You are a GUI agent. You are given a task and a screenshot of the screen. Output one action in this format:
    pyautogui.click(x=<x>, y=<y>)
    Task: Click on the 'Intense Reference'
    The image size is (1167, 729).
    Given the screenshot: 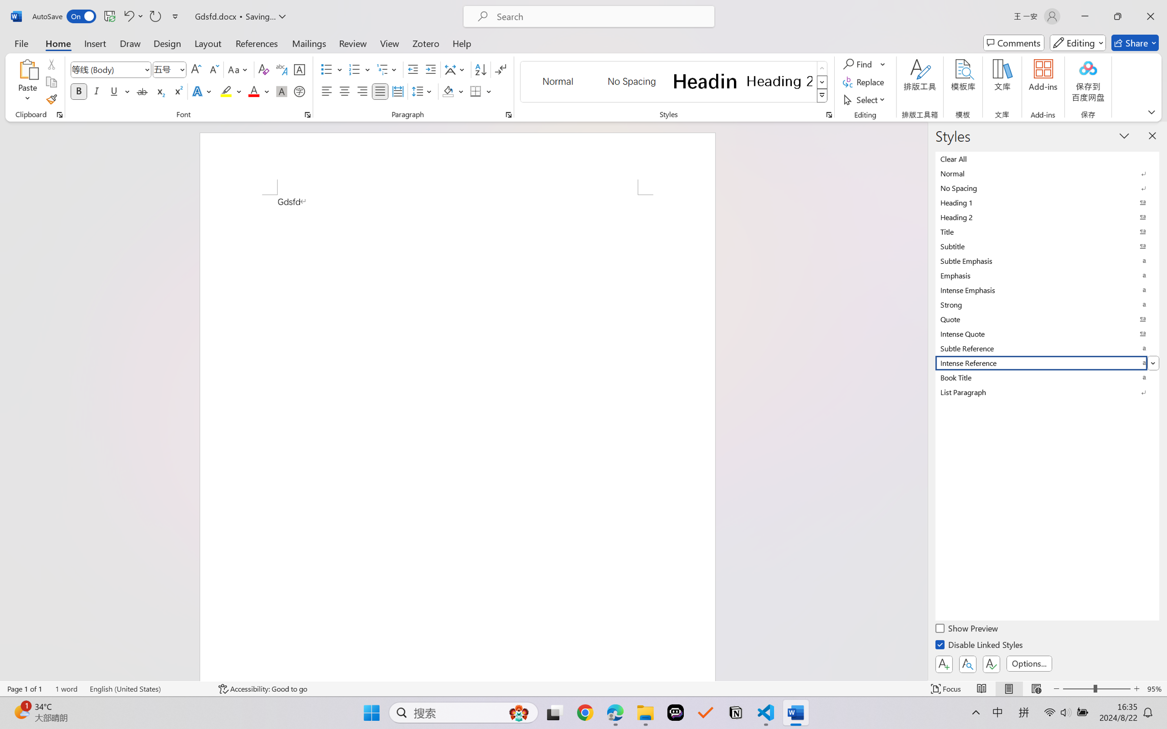 What is the action you would take?
    pyautogui.click(x=1047, y=363)
    